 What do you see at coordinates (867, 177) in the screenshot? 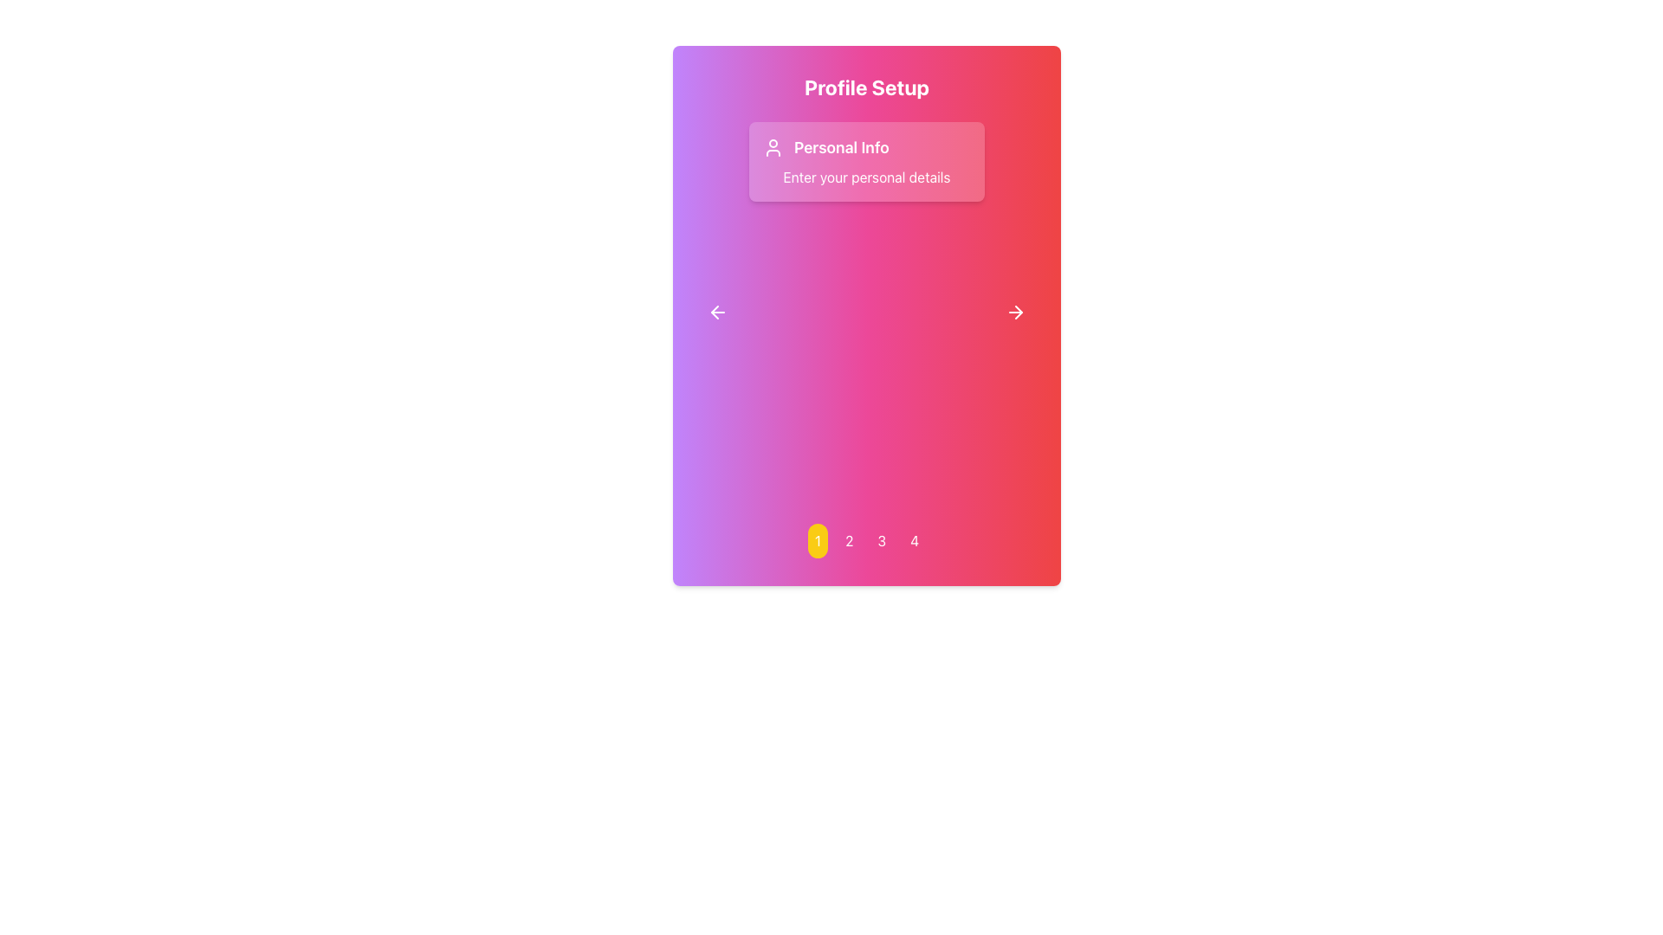
I see `the static text label that guides users to enter their personal details, located below 'Personal Info' and the accompanying icon` at bounding box center [867, 177].